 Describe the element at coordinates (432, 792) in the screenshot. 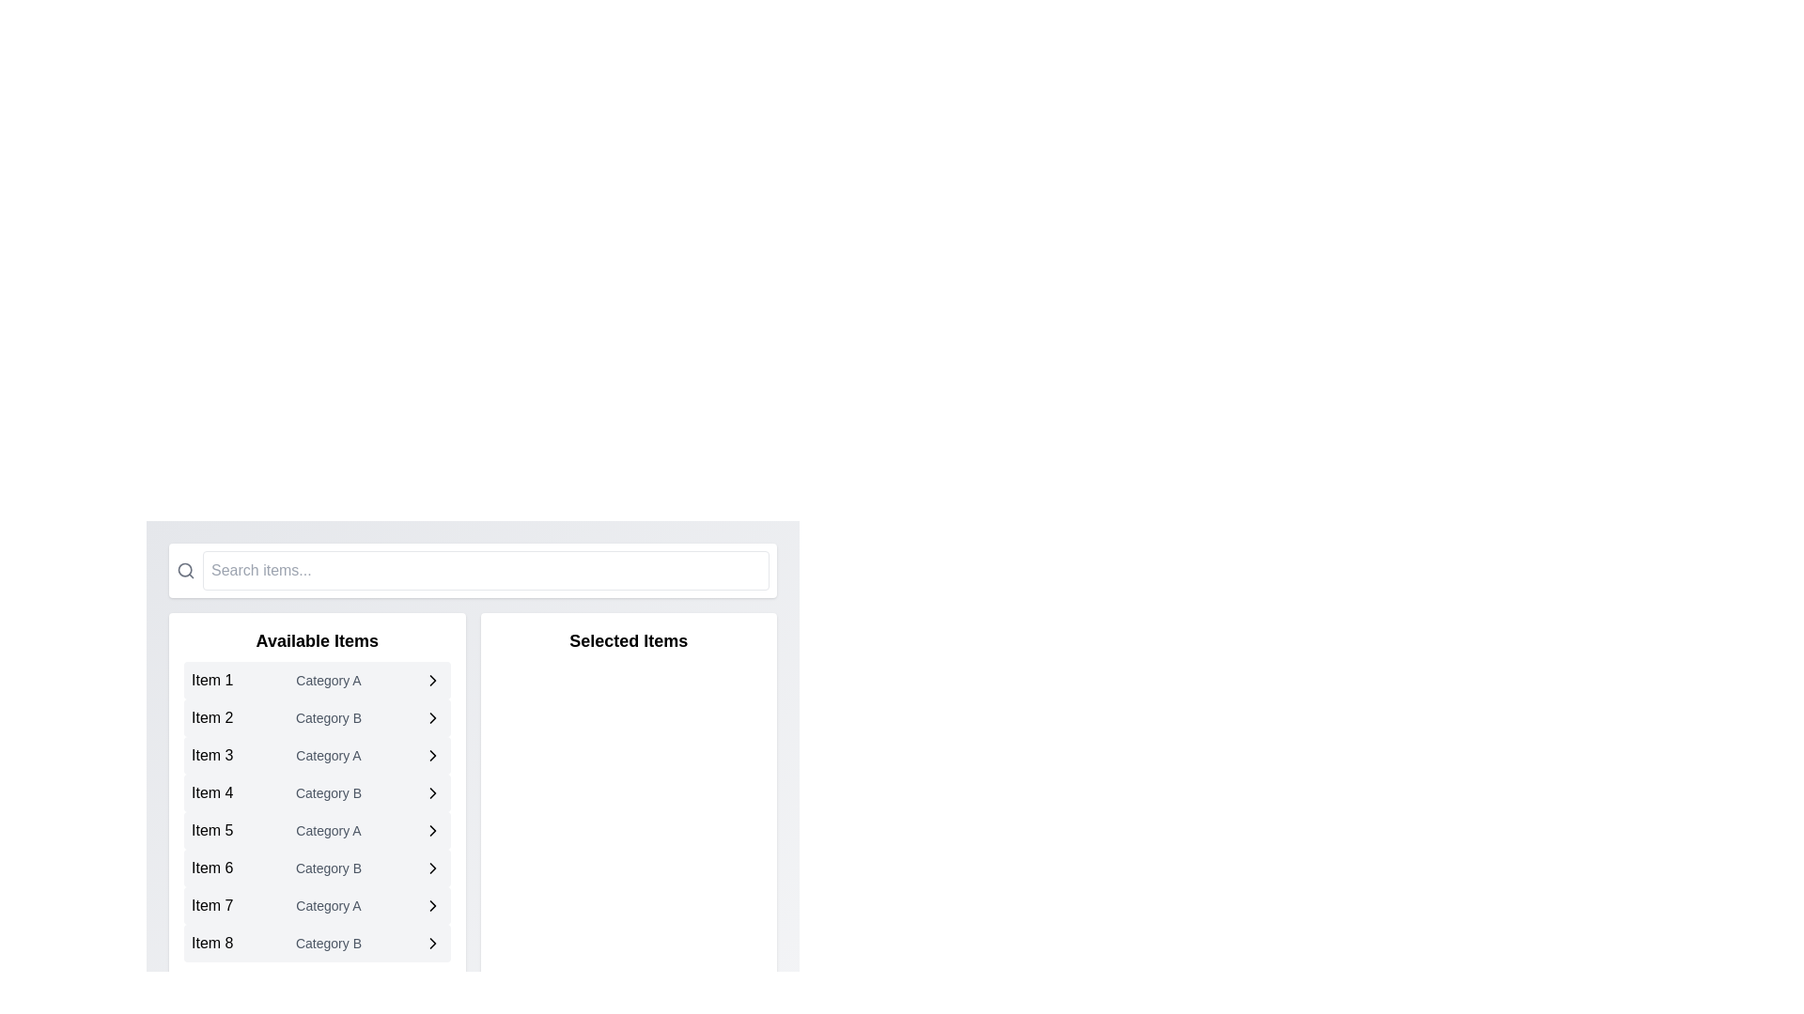

I see `the navigation arrow icon located as the rightmost component in the row for 'Item 4' and 'Category B' in the 'Available Items' list panel` at that location.